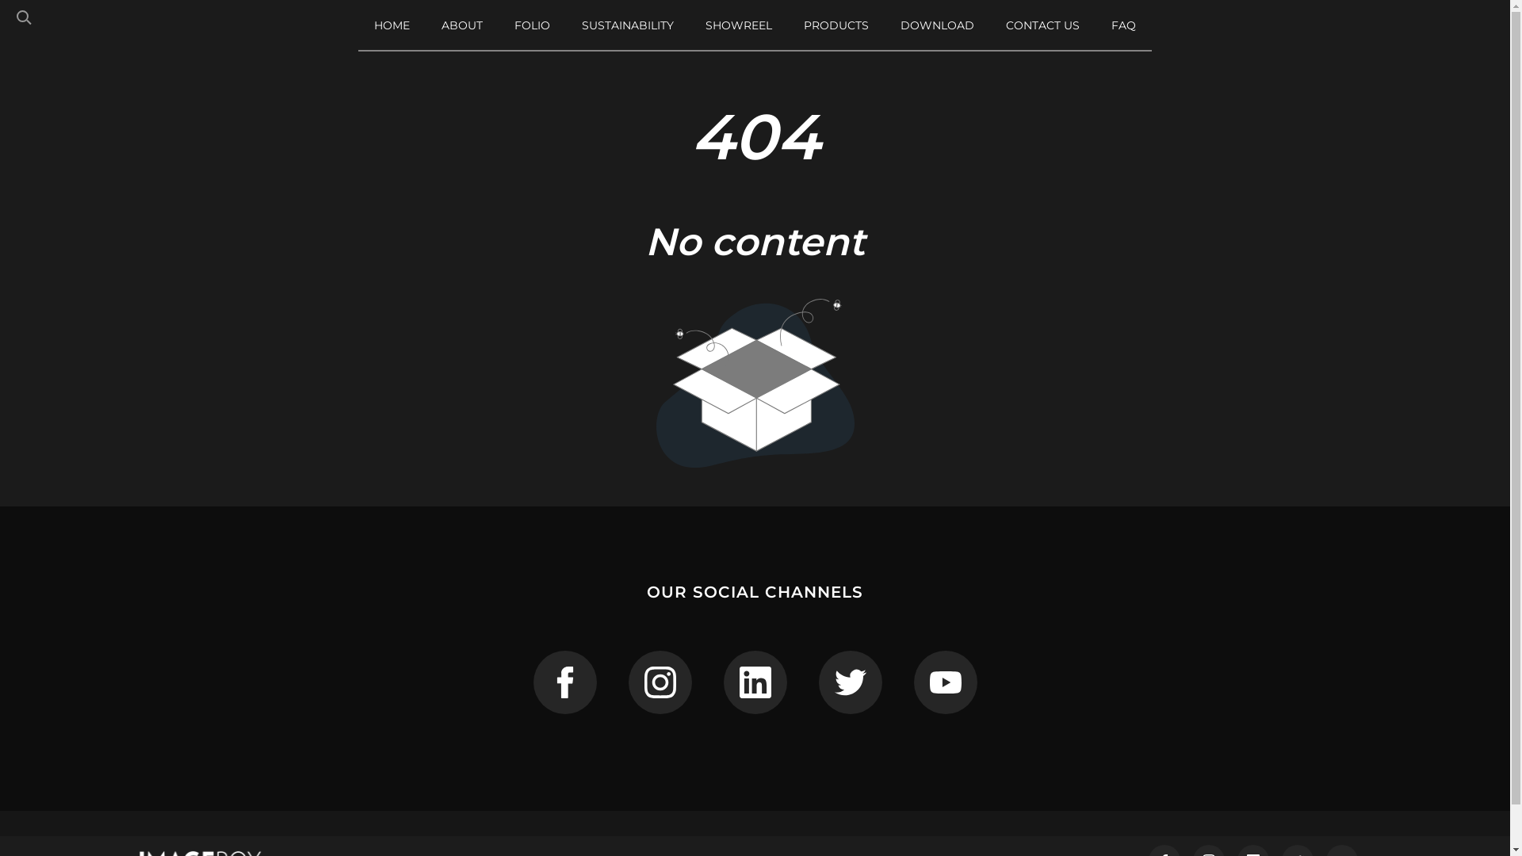 The width and height of the screenshot is (1522, 856). Describe the element at coordinates (884, 25) in the screenshot. I see `'DOWNLOAD'` at that location.